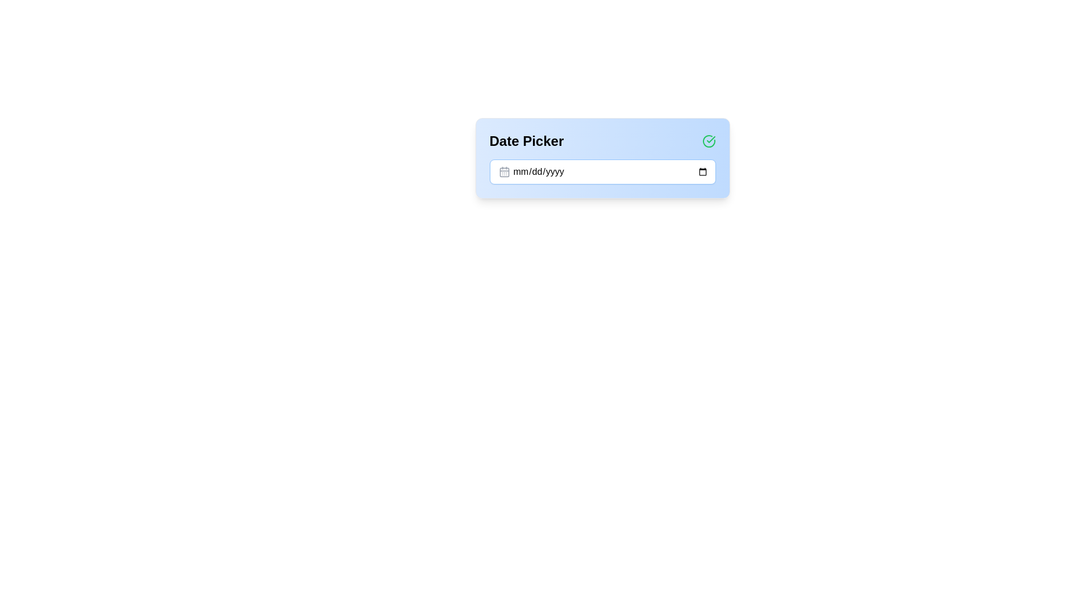 This screenshot has height=613, width=1091. What do you see at coordinates (708, 141) in the screenshot?
I see `the circular green checkmark icon located on the far right of the header of the date picker interface, next to the 'Date Picker' text label` at bounding box center [708, 141].